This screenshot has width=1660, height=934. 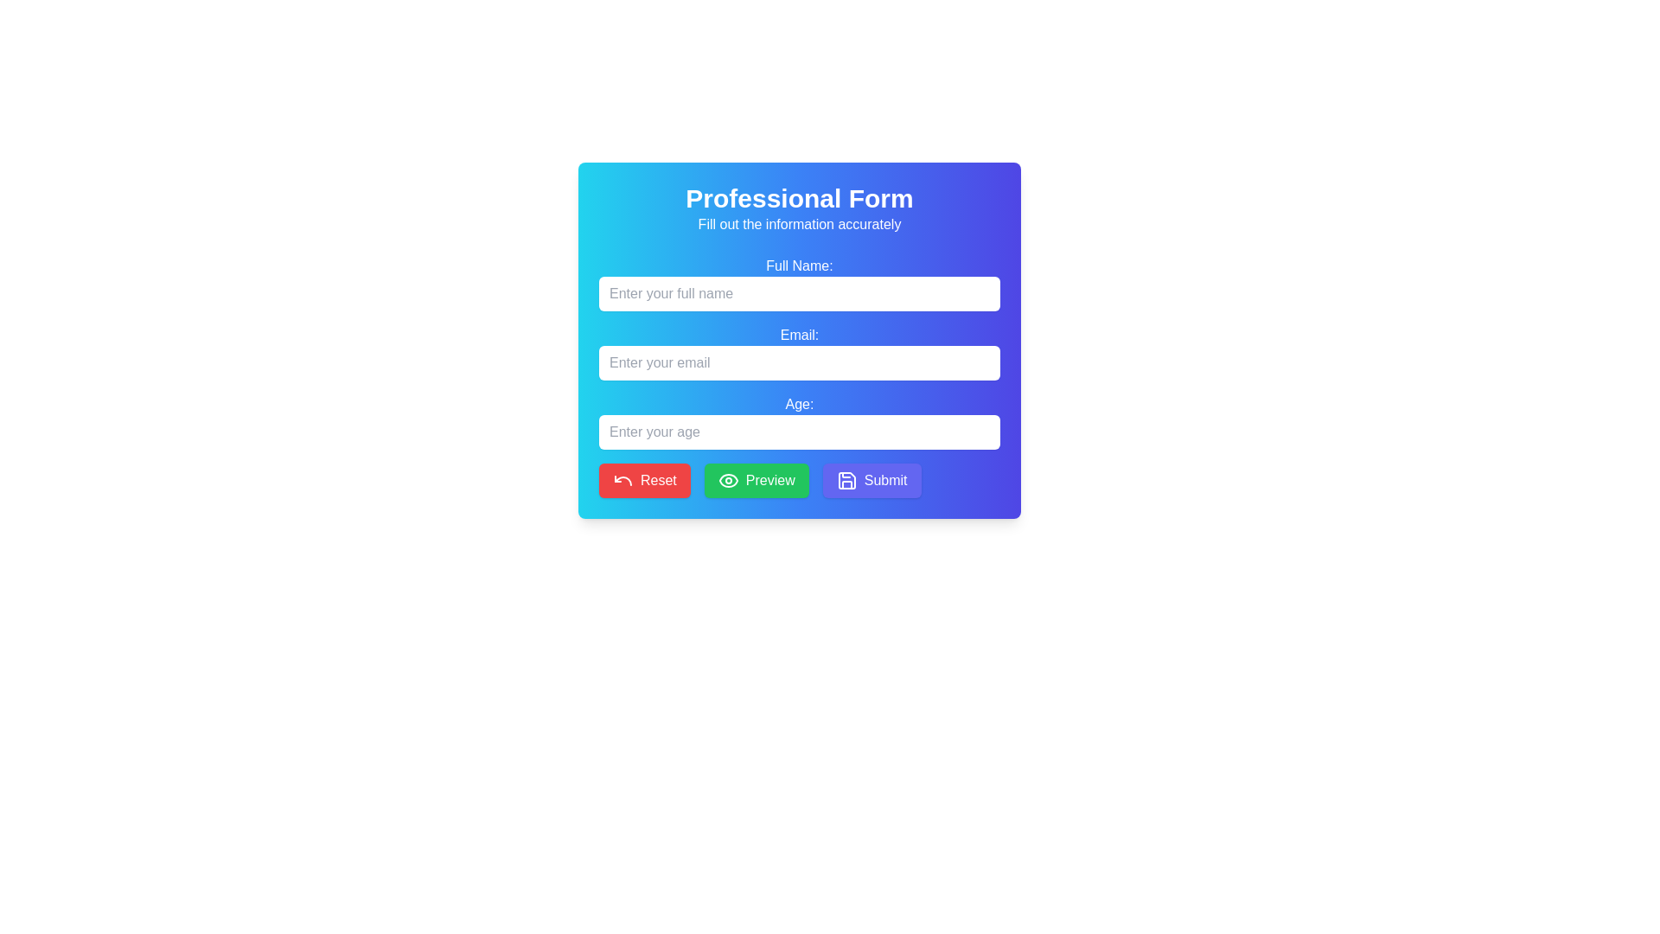 What do you see at coordinates (799, 282) in the screenshot?
I see `the text input field for entering the full name, which is positioned at the top of the form layout` at bounding box center [799, 282].